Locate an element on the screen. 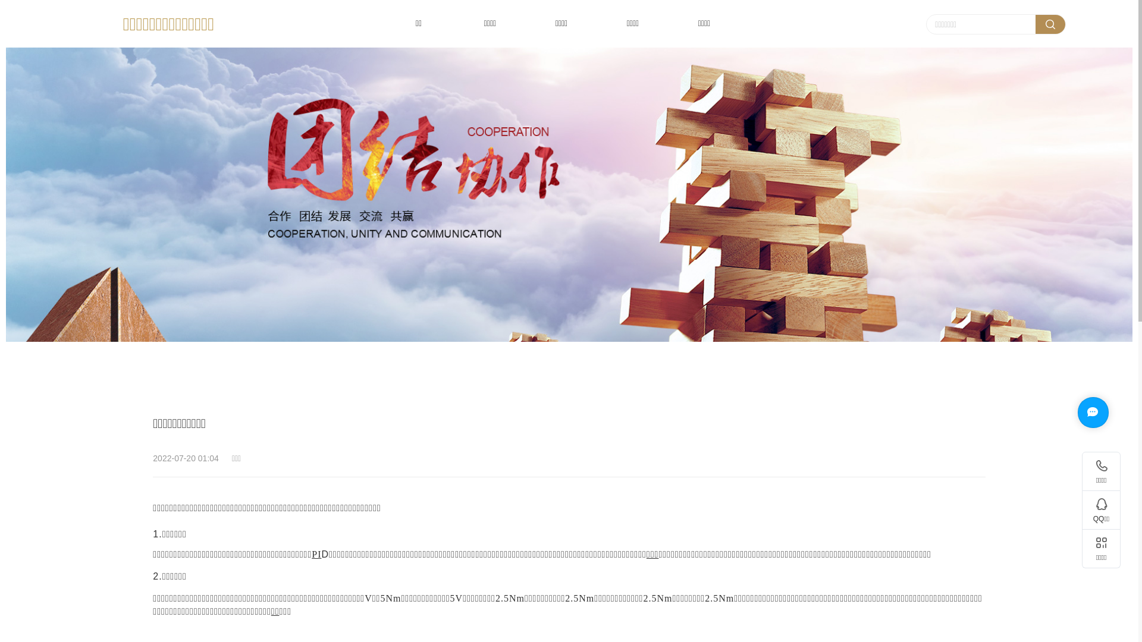  'PI' is located at coordinates (311, 555).